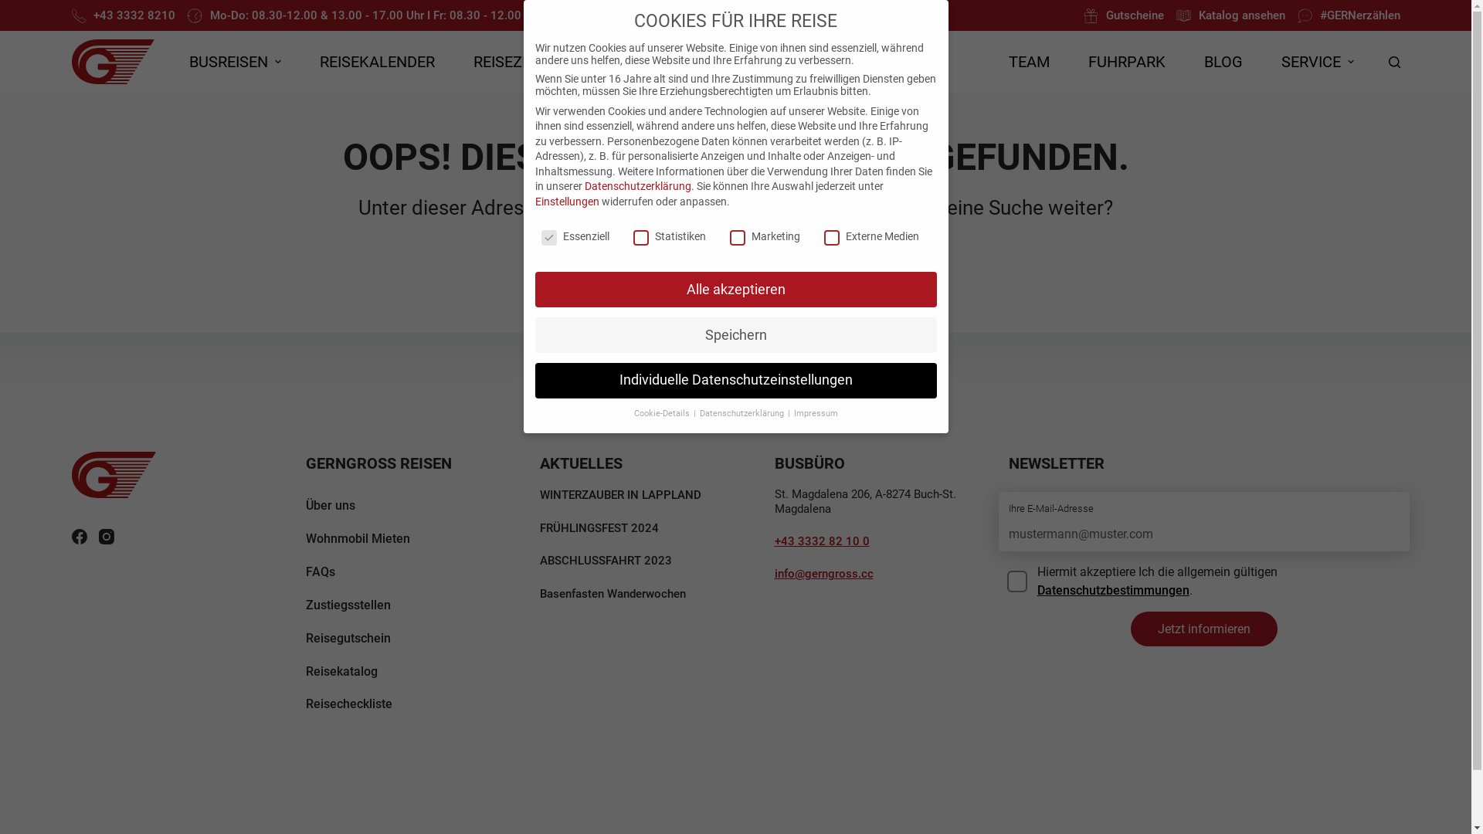 This screenshot has width=1483, height=834. I want to click on 'GRUPPENREISEN', so click(650, 61).